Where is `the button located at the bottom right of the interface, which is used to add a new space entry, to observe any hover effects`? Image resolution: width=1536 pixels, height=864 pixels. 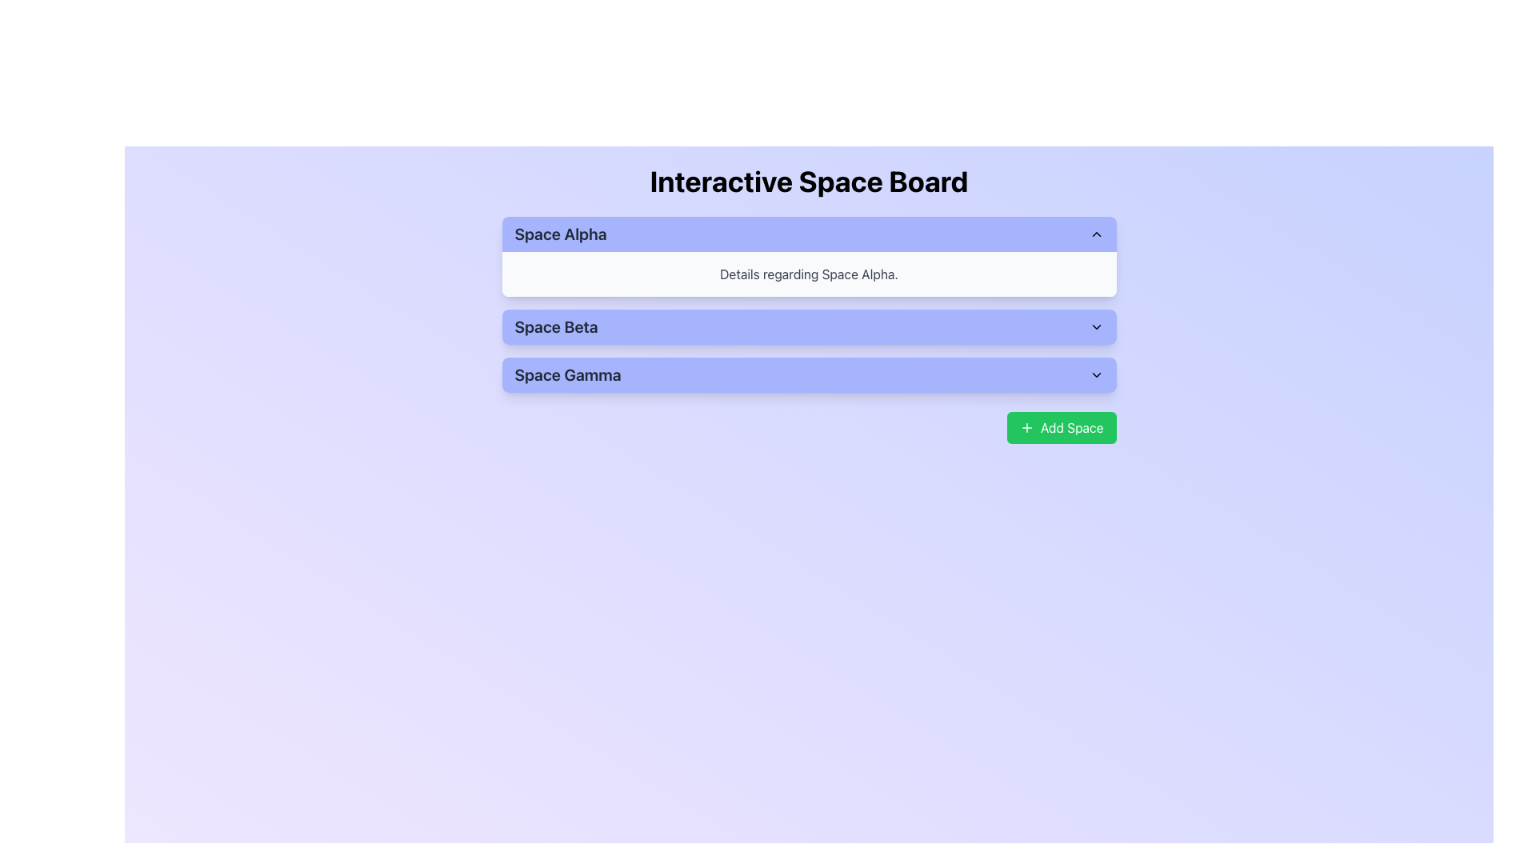 the button located at the bottom right of the interface, which is used to add a new space entry, to observe any hover effects is located at coordinates (809, 427).